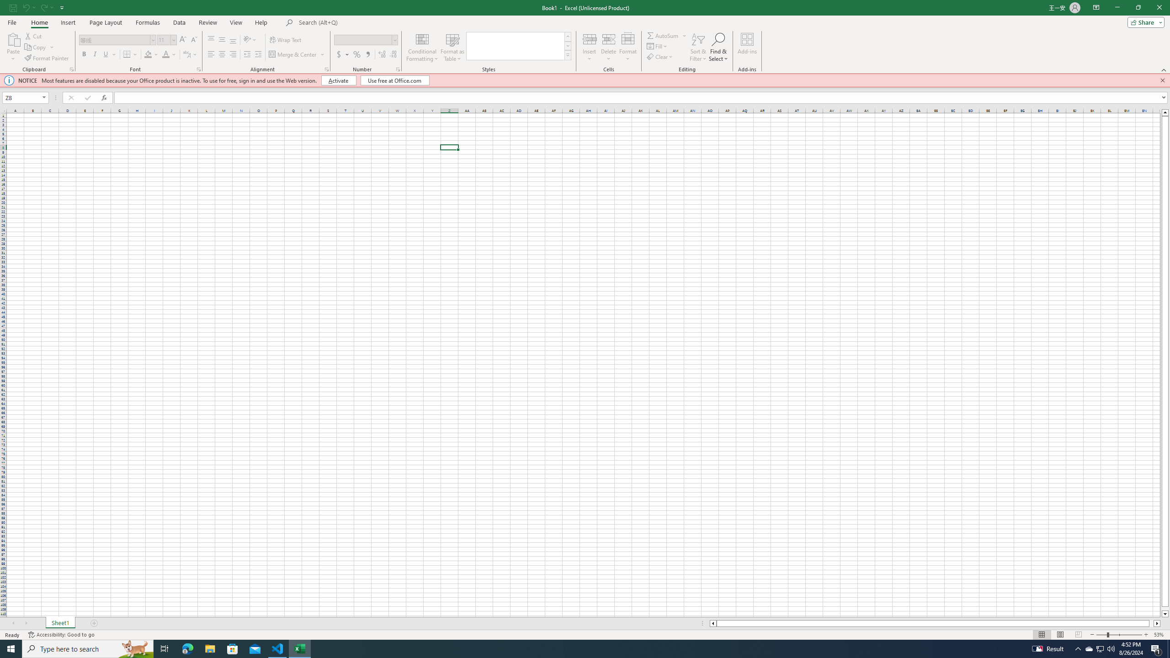  Describe the element at coordinates (362, 22) in the screenshot. I see `'Microsoft search'` at that location.